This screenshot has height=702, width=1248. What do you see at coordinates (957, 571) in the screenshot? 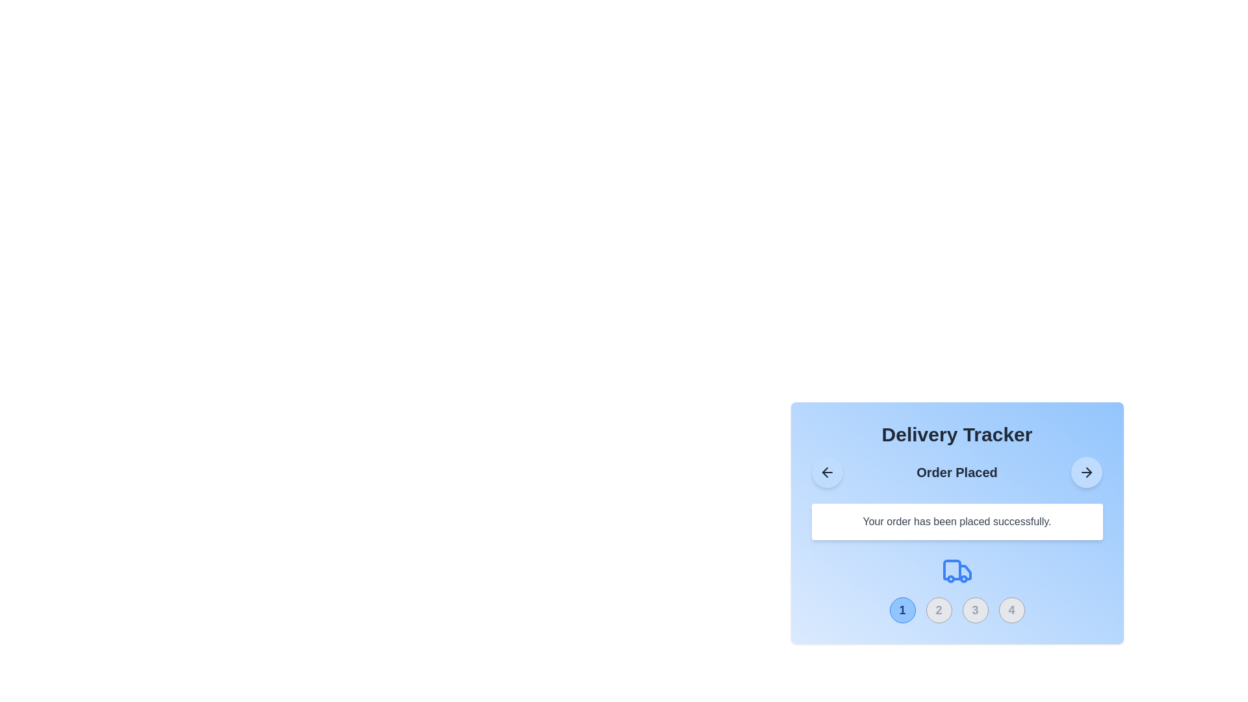
I see `the SVG icon representing a step in the delivery tracking process, located in the middle of the progress tracker interface, centered above the four circular buttons` at bounding box center [957, 571].